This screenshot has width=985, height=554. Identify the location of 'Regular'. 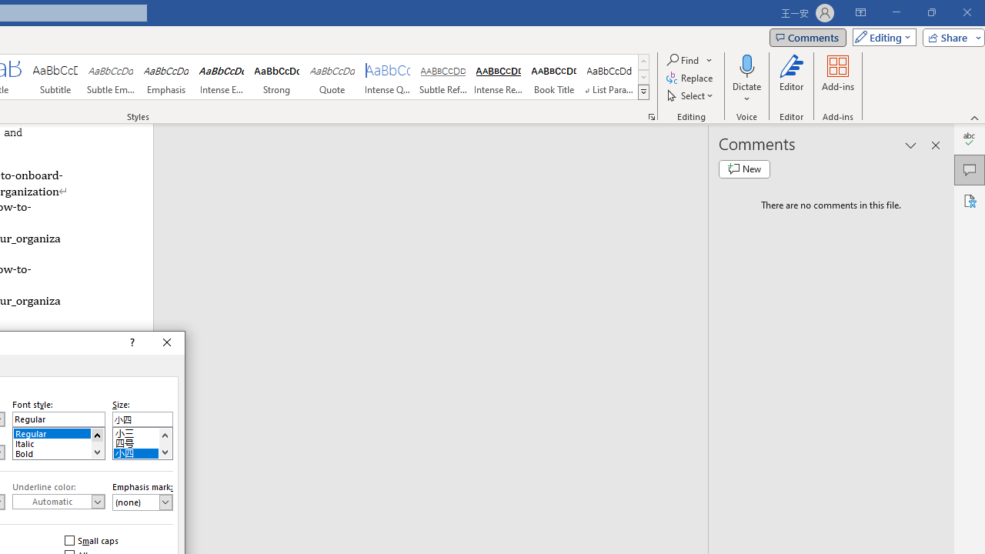
(58, 432).